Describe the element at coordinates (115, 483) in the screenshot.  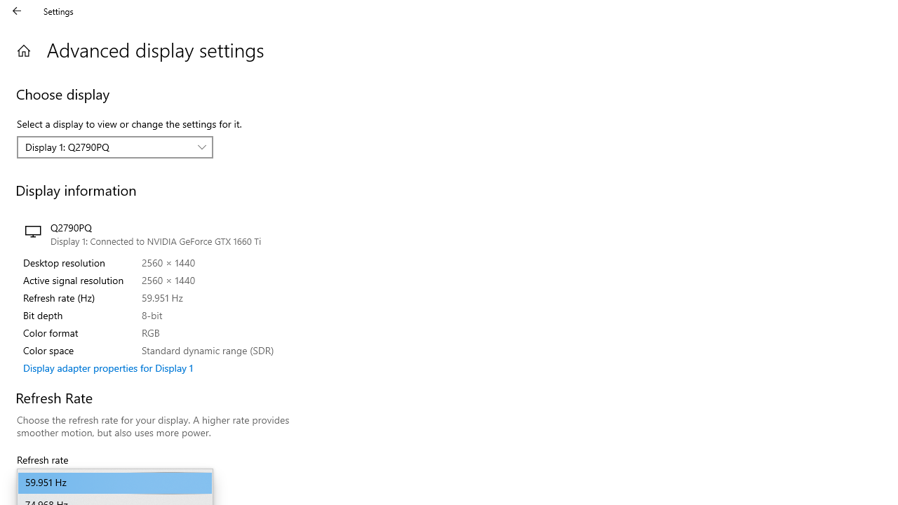
I see `'Refresh rate'` at that location.